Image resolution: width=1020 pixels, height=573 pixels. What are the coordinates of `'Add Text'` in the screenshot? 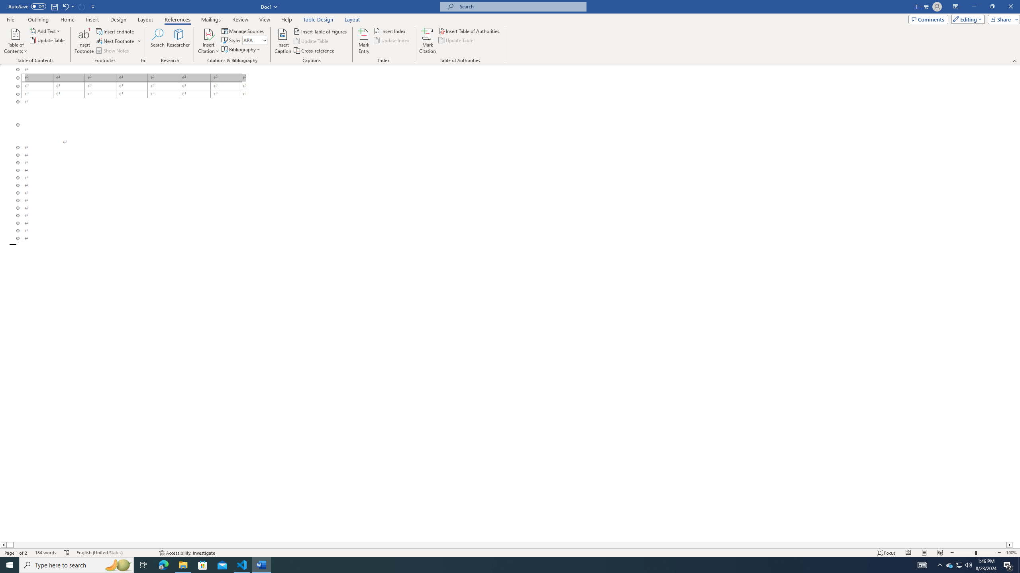 It's located at (45, 31).